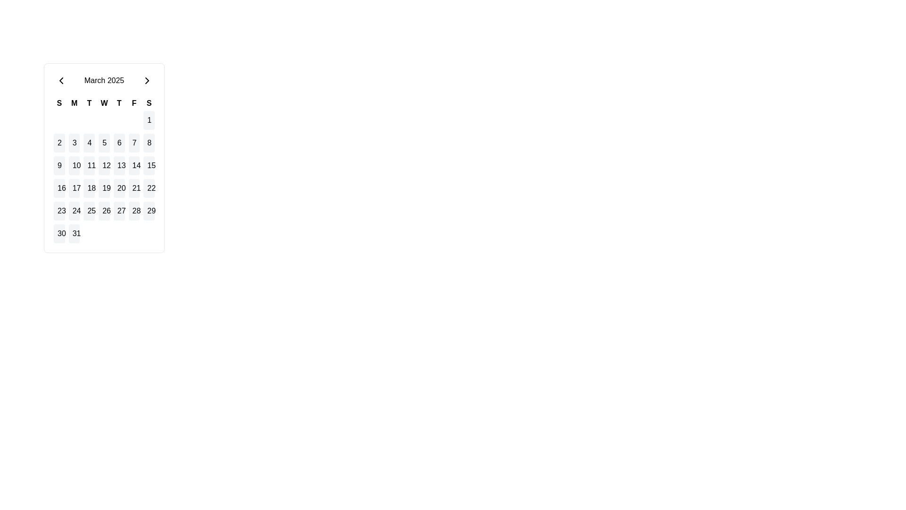 This screenshot has width=906, height=510. Describe the element at coordinates (149, 211) in the screenshot. I see `the date button '29' in the March 2025 calendar` at that location.